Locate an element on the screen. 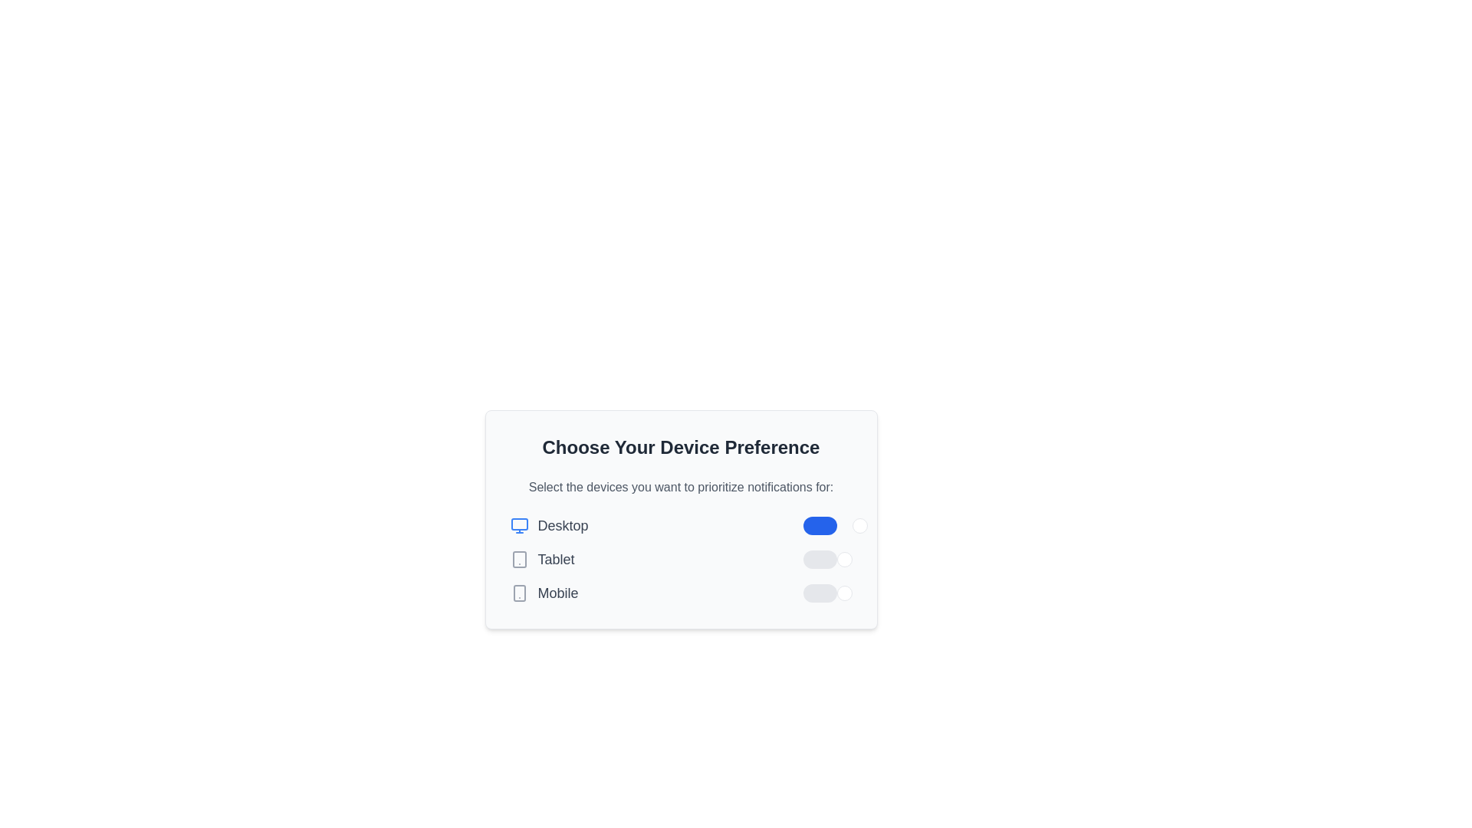 This screenshot has width=1472, height=828. the mobile device option label with an icon in the device preference selection interface, which is the third item in the list under 'Choose Your Device Preference' is located at coordinates (544, 593).